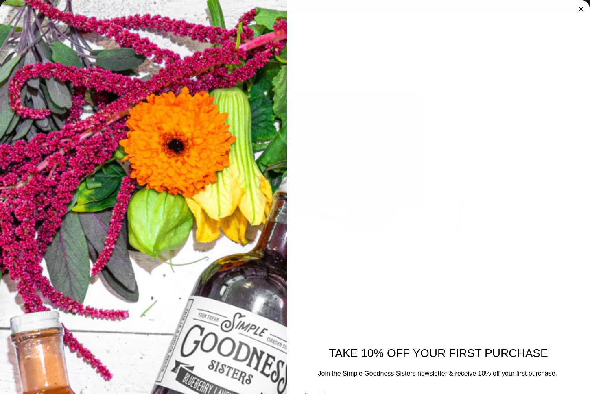  I want to click on 'Recipes', so click(311, 48).